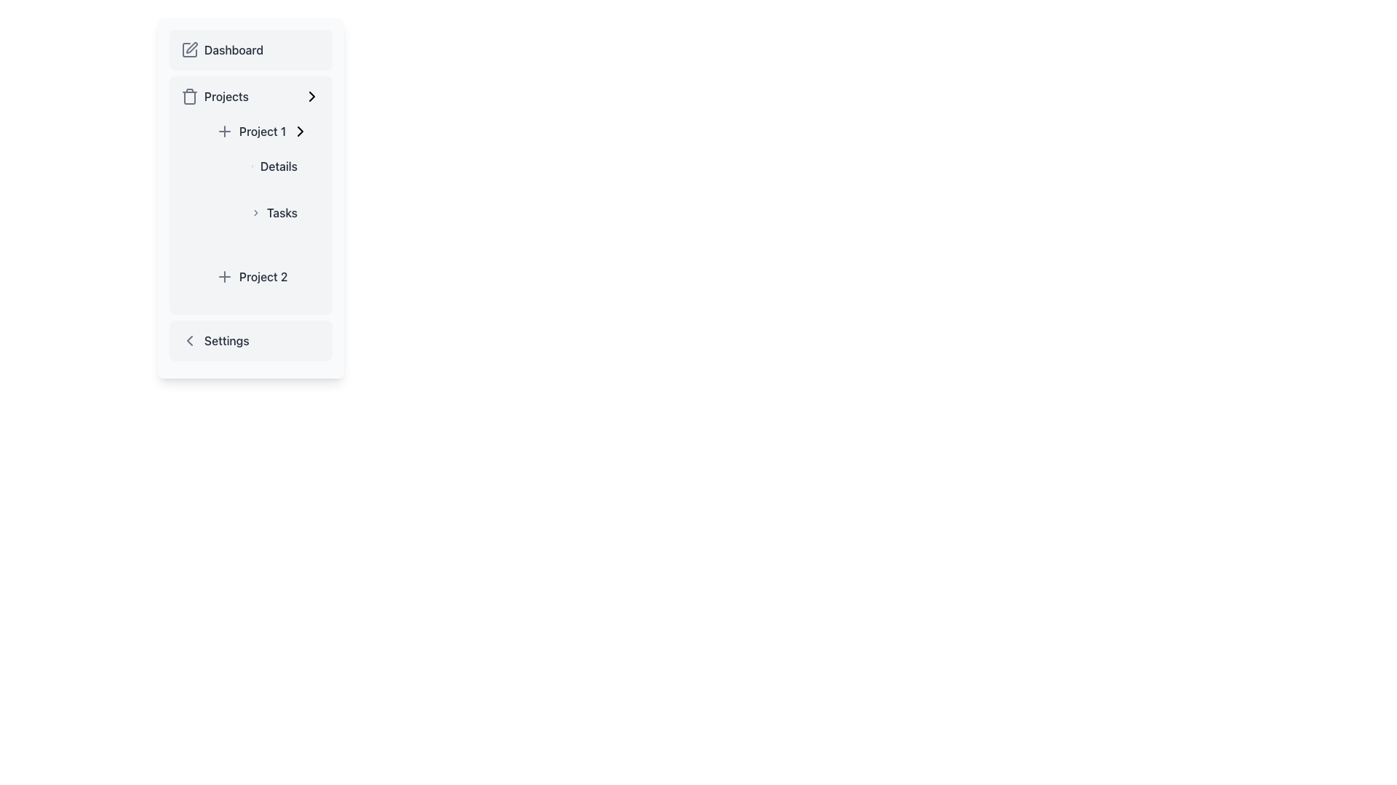 Image resolution: width=1397 pixels, height=785 pixels. What do you see at coordinates (311, 96) in the screenshot?
I see `the Chevron Icon next to the 'Projects' text` at bounding box center [311, 96].